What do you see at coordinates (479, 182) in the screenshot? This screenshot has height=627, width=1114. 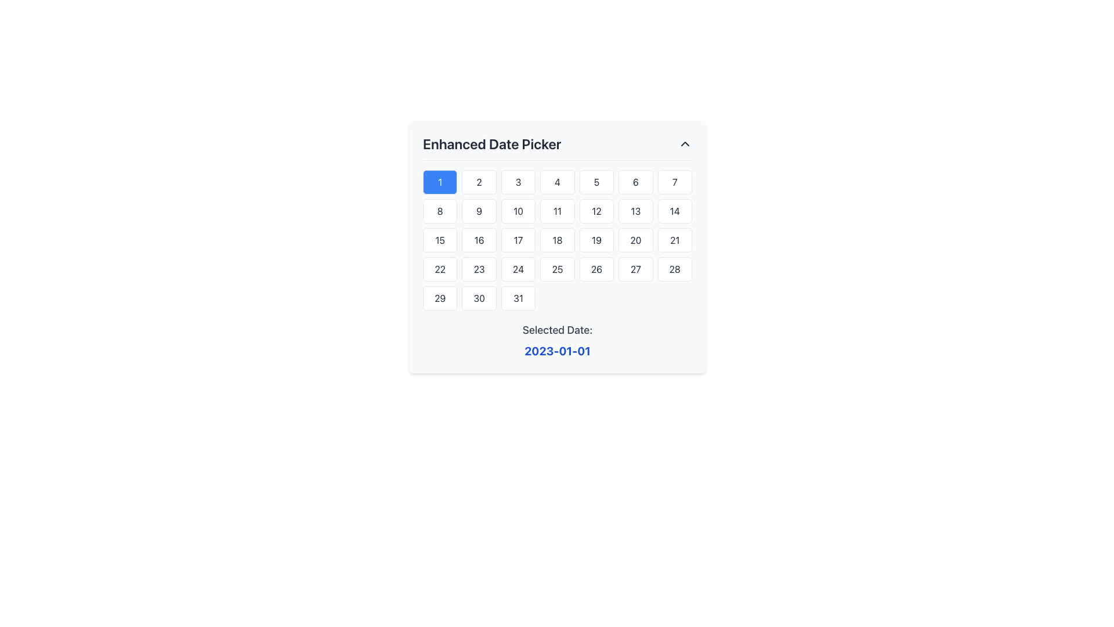 I see `the button displaying the number '2' in a grid layout below the heading 'Enhanced Date Picker'` at bounding box center [479, 182].